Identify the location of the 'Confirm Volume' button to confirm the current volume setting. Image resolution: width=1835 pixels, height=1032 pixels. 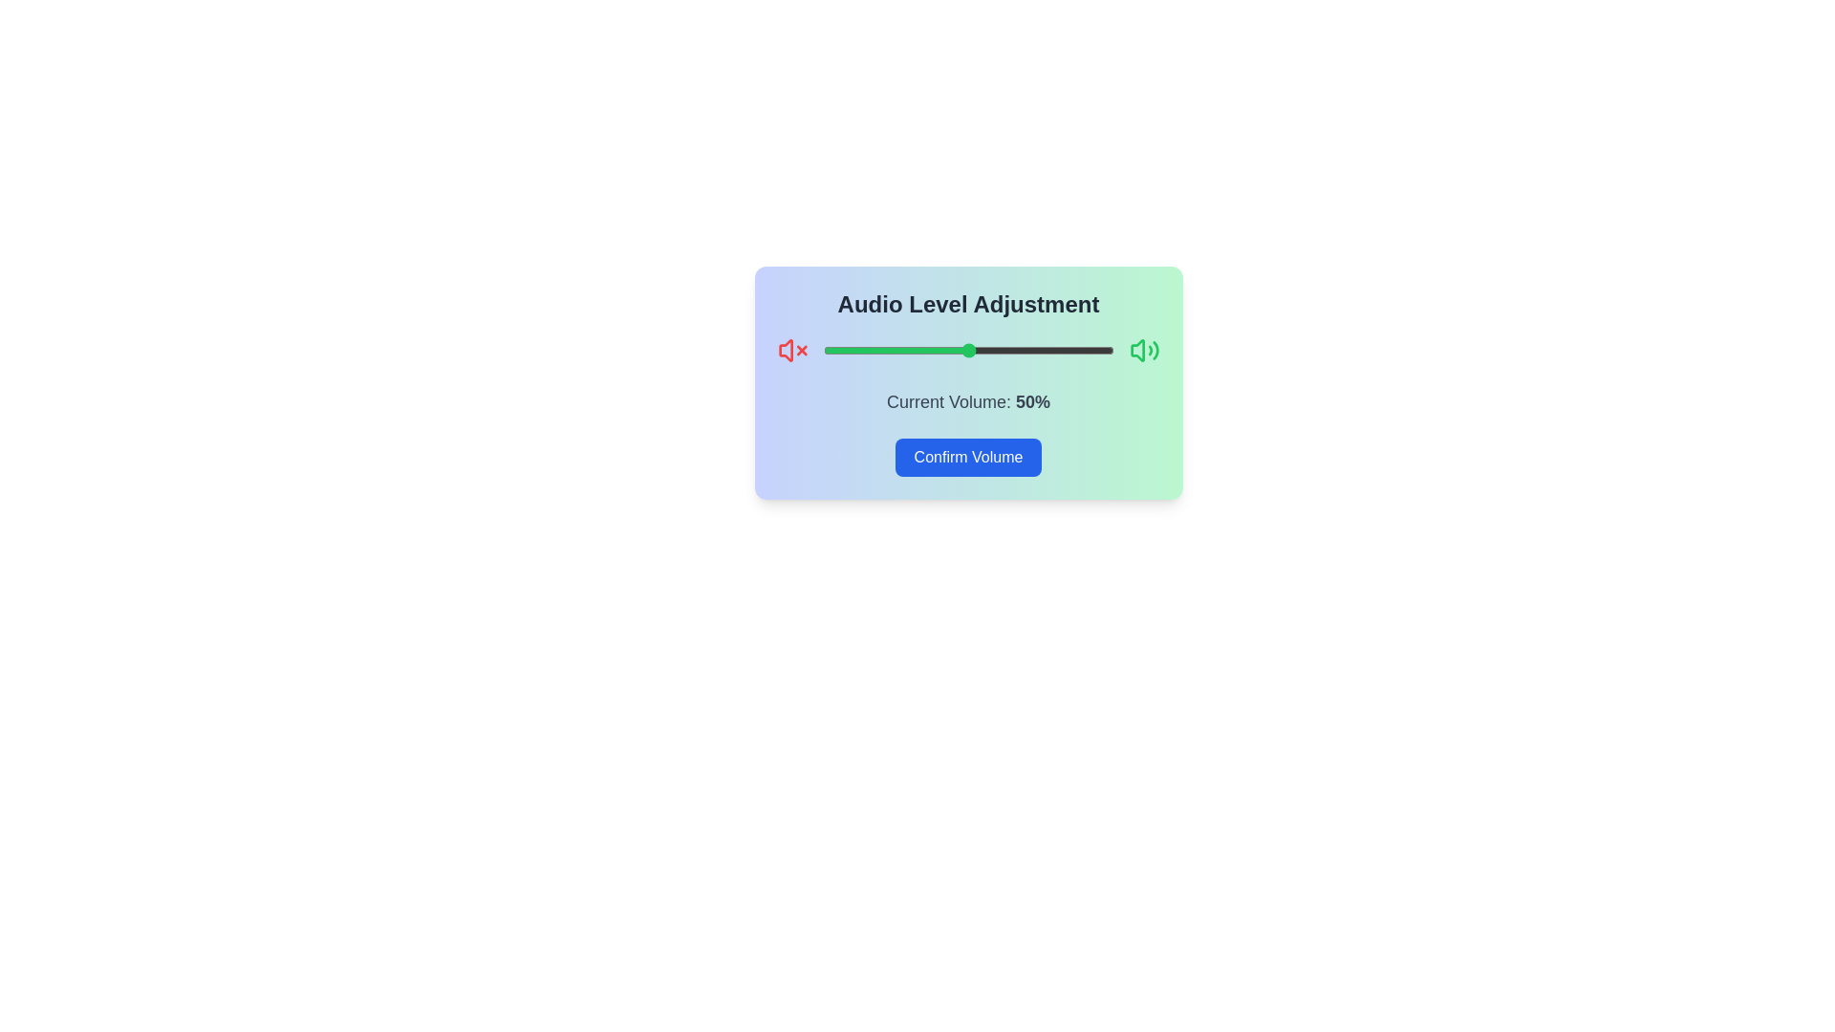
(967, 457).